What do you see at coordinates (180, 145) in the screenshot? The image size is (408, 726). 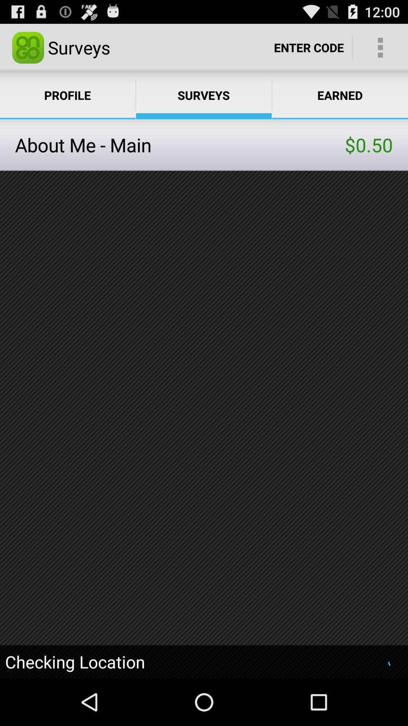 I see `the item next to $0.50 item` at bounding box center [180, 145].